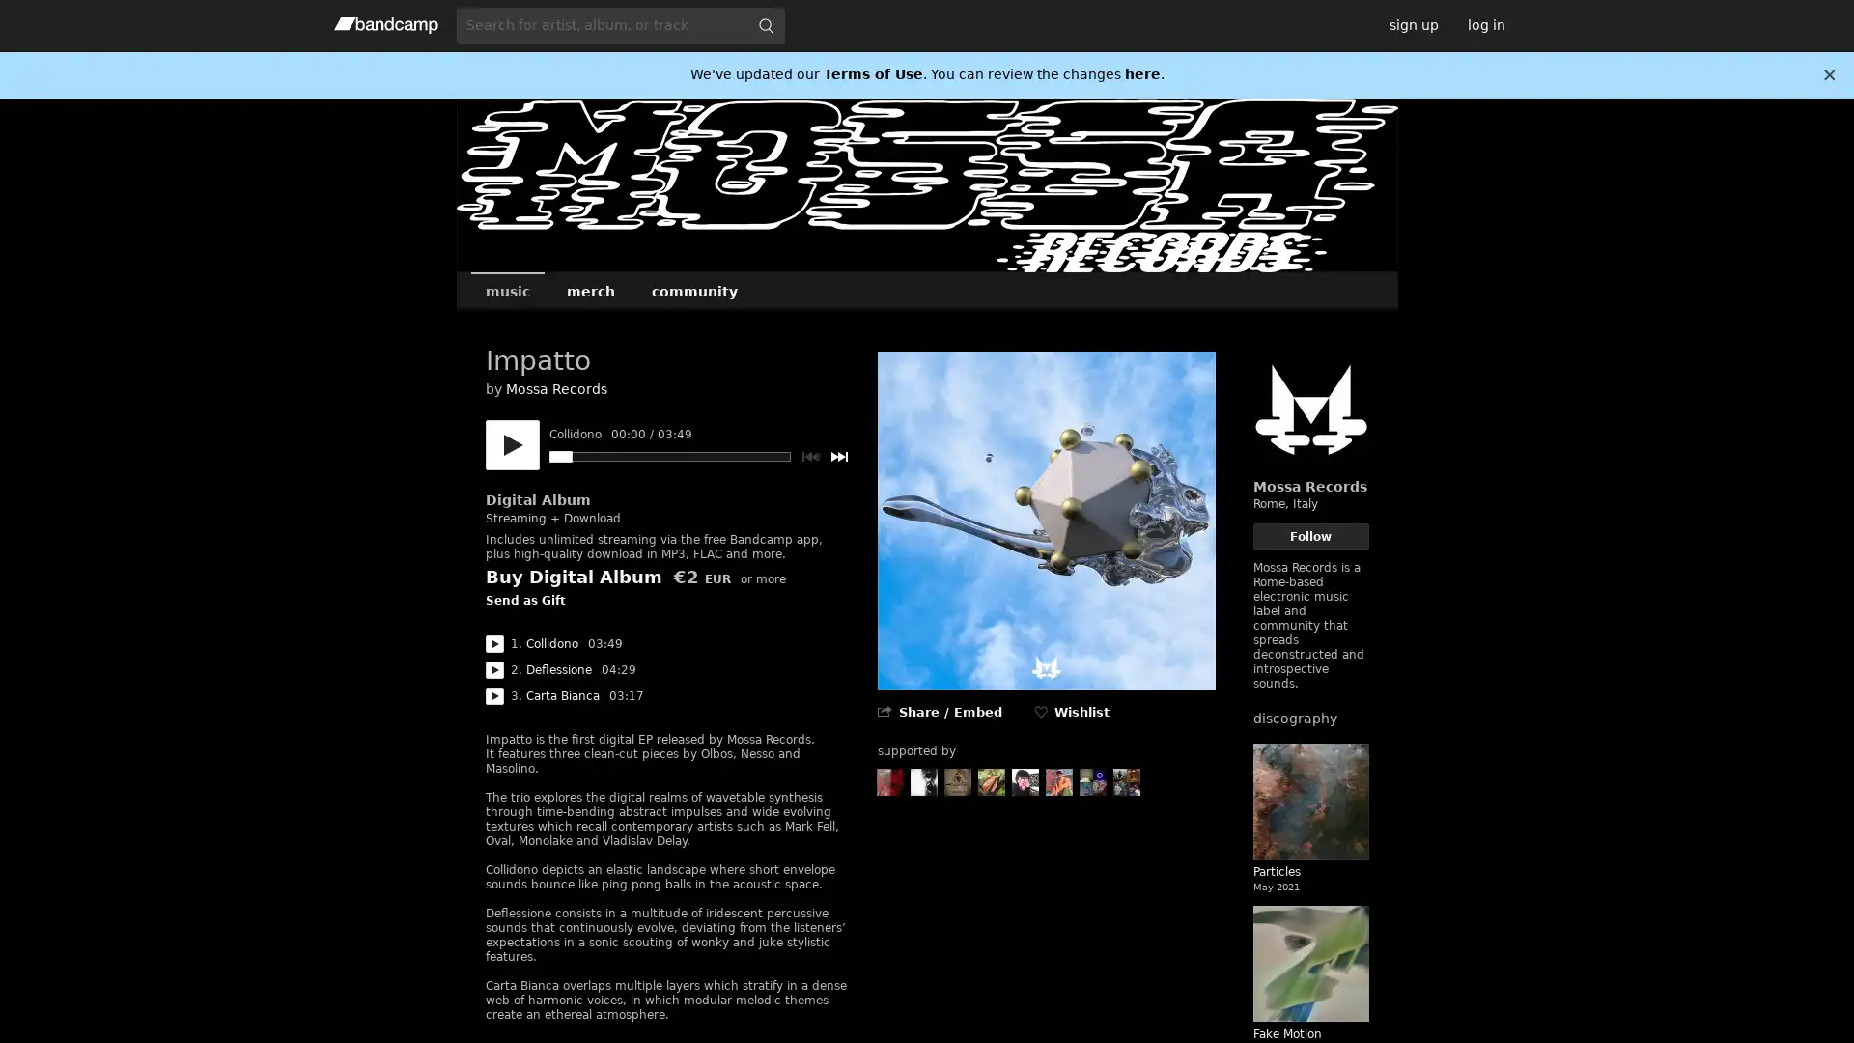  Describe the element at coordinates (764, 25) in the screenshot. I see `submit for full search page` at that location.